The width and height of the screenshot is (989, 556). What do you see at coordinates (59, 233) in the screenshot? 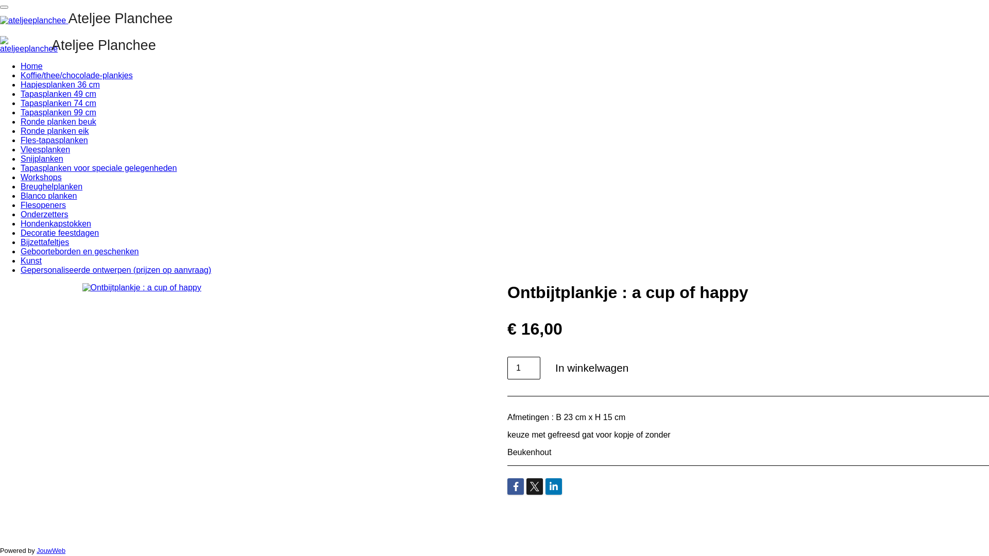
I see `'Decoratie feestdagen'` at bounding box center [59, 233].